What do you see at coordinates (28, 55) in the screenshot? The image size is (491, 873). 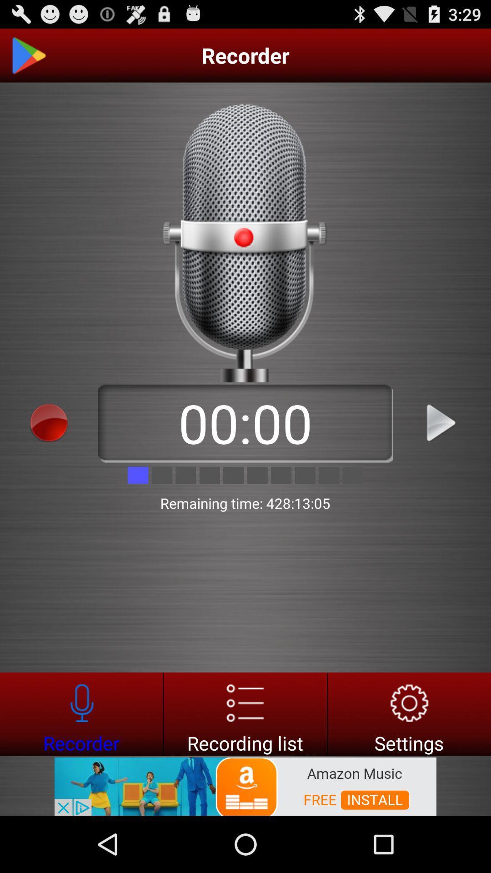 I see `playstore` at bounding box center [28, 55].